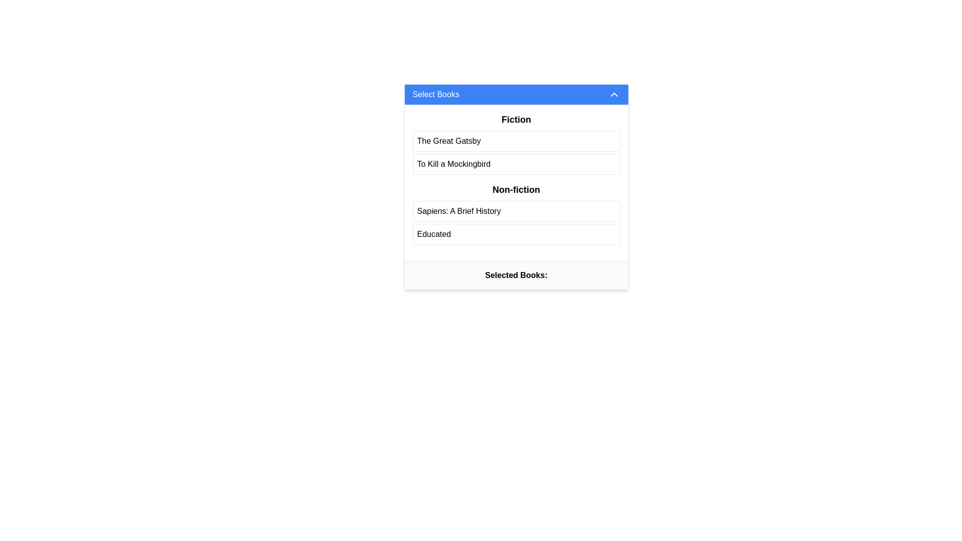 The width and height of the screenshot is (962, 541). Describe the element at coordinates (453, 163) in the screenshot. I see `text label that displays 'To Kill a Mockingbird', which is styled with a light border and is the second item in the 'Fiction' category` at that location.